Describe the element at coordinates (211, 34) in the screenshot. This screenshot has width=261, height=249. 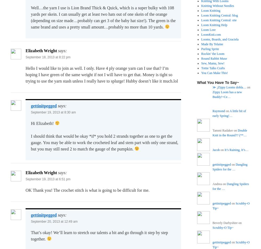
I see `'LoomKnit.com'` at that location.